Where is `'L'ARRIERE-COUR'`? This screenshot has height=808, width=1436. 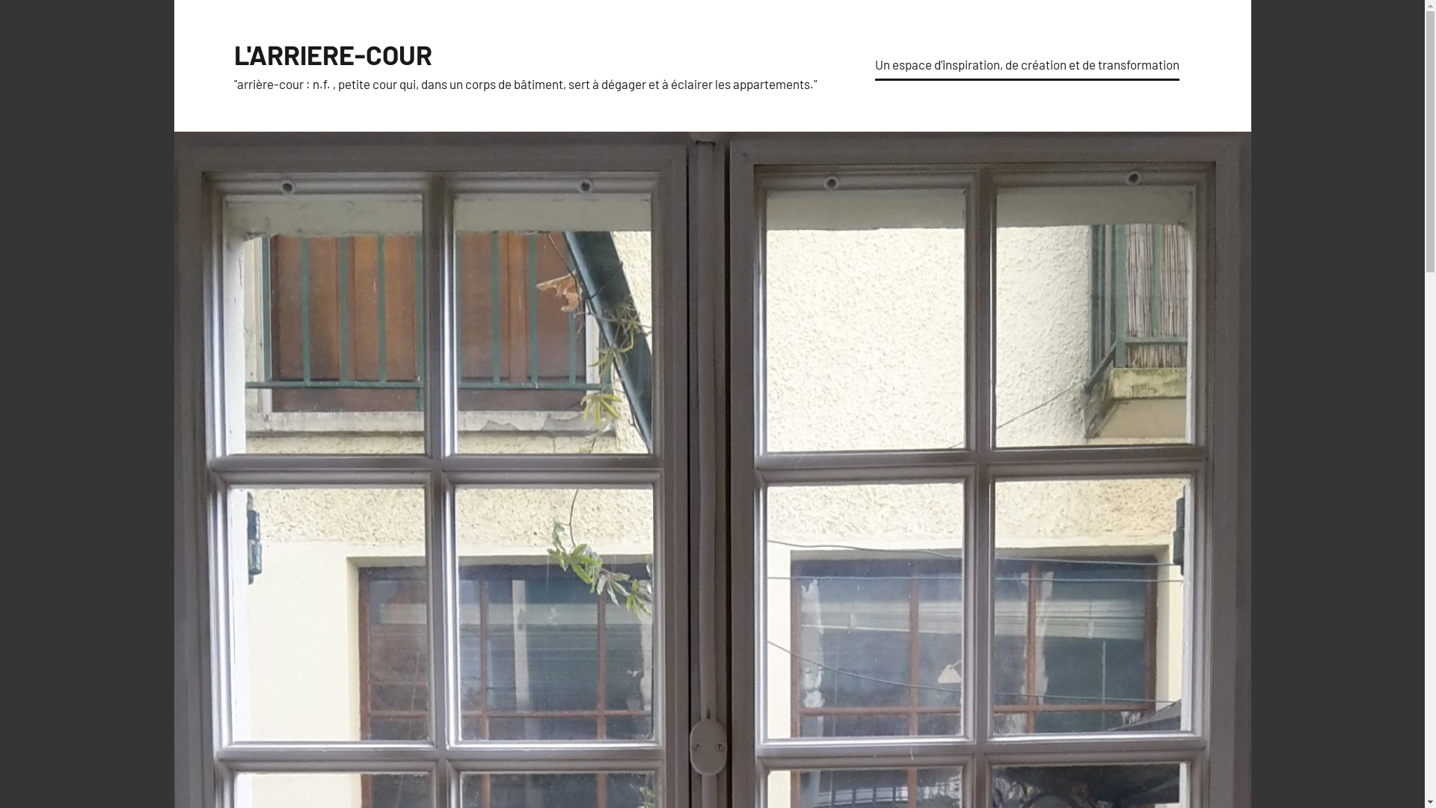 'L'ARRIERE-COUR' is located at coordinates (331, 53).